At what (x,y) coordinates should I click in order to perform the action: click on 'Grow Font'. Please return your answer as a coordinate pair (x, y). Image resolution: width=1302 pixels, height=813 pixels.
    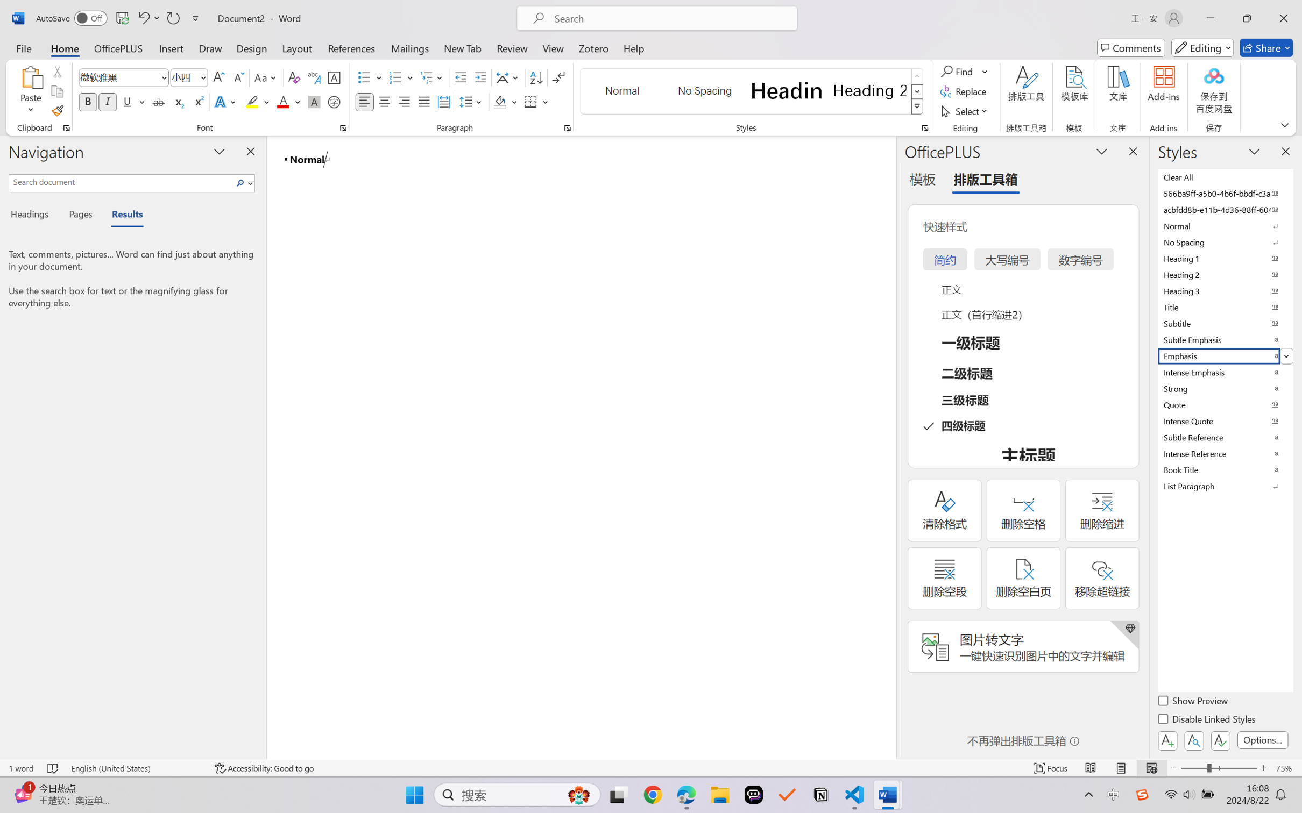
    Looking at the image, I should click on (218, 77).